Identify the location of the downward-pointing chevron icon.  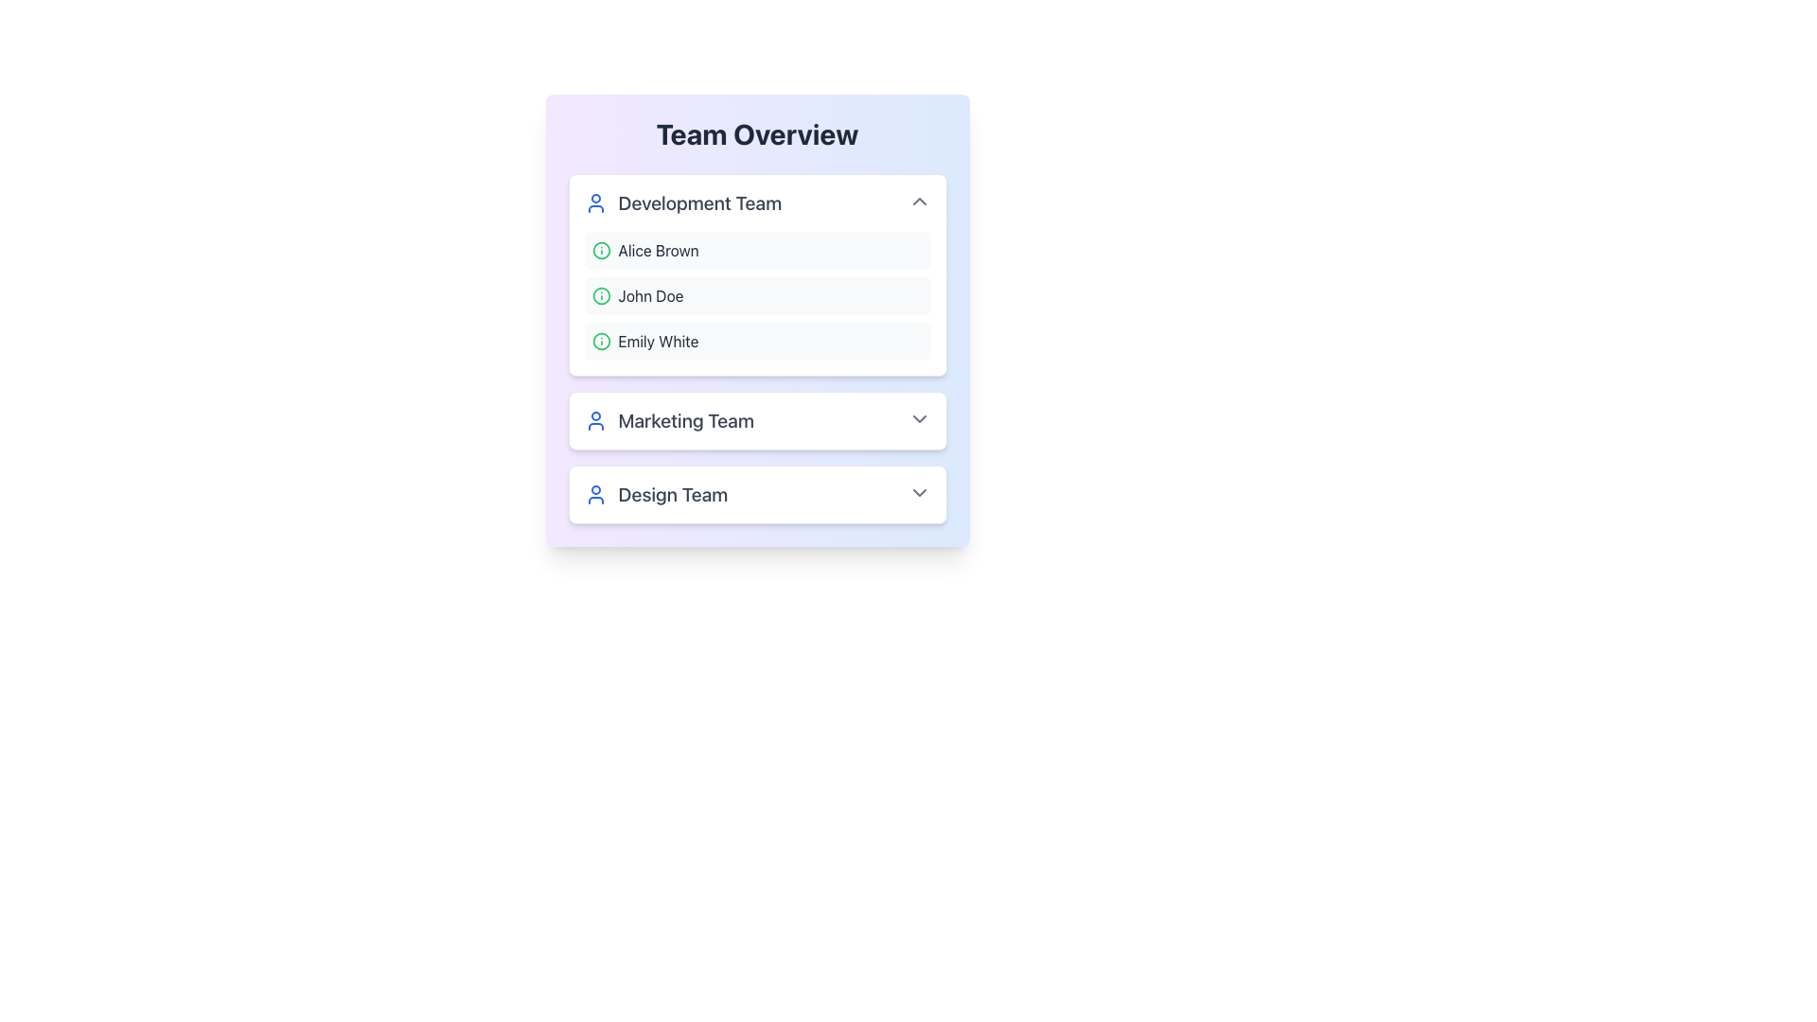
(919, 418).